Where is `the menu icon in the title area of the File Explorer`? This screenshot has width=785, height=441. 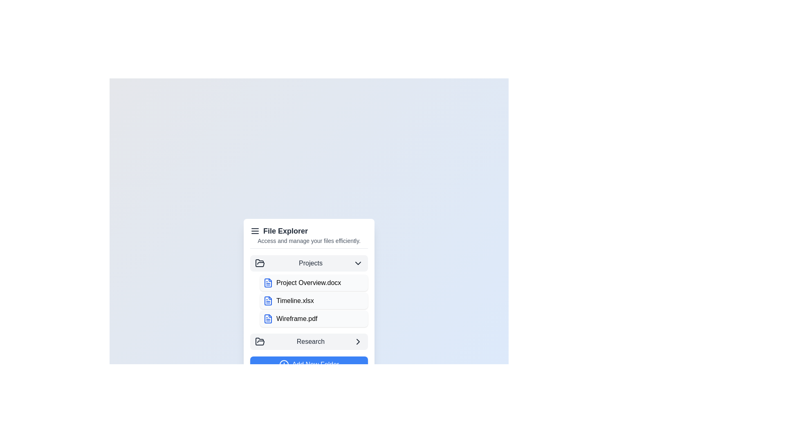 the menu icon in the title area of the File Explorer is located at coordinates (255, 231).